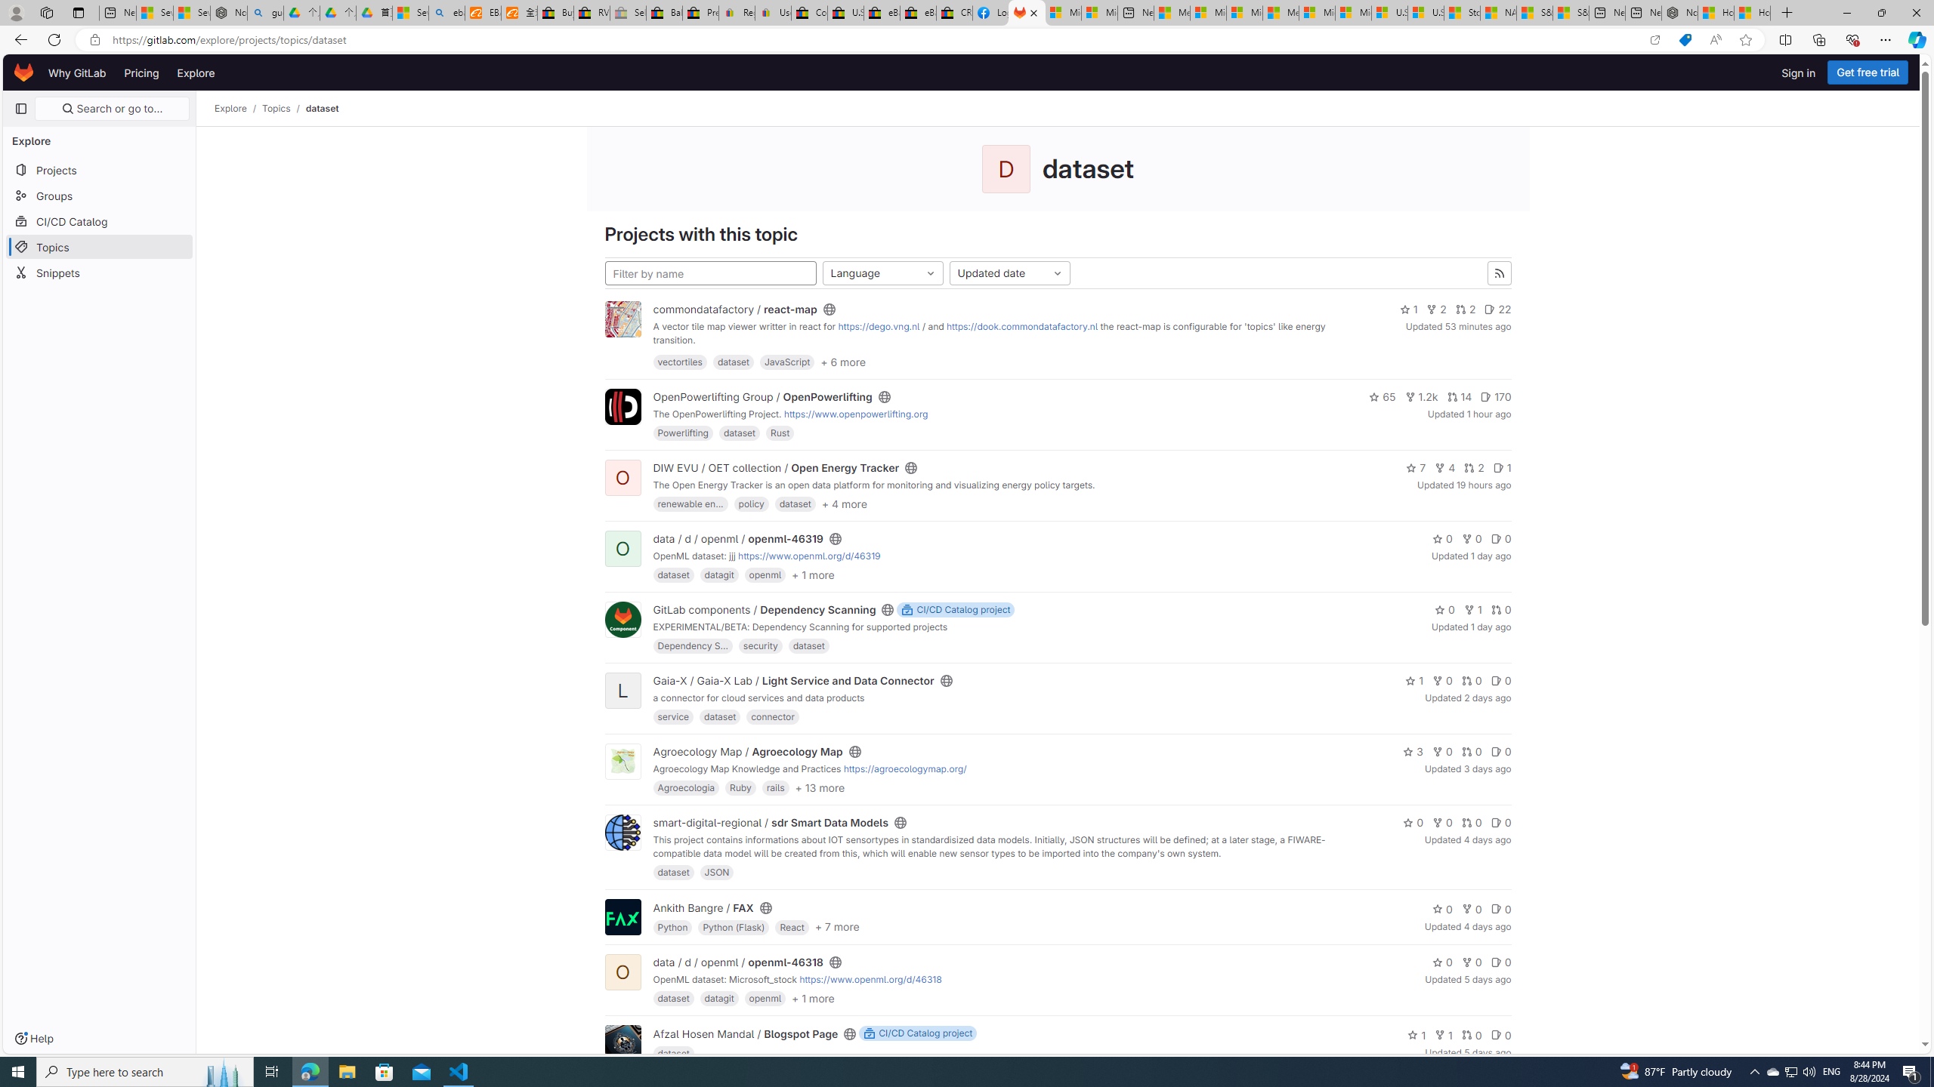 Image resolution: width=1934 pixels, height=1087 pixels. Describe the element at coordinates (21, 108) in the screenshot. I see `'Primary navigation sidebar'` at that location.